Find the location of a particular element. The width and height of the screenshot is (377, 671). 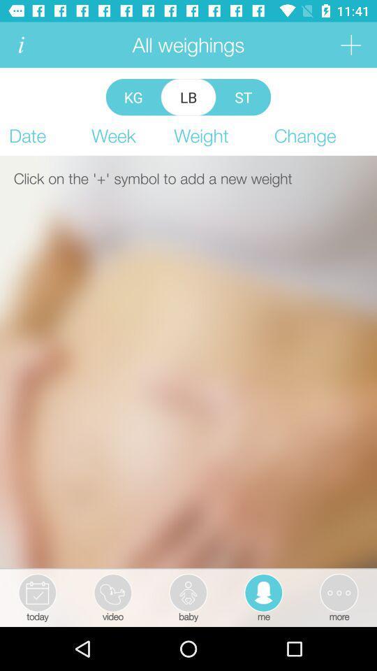

the radio button to the left of lb radio button is located at coordinates (133, 96).